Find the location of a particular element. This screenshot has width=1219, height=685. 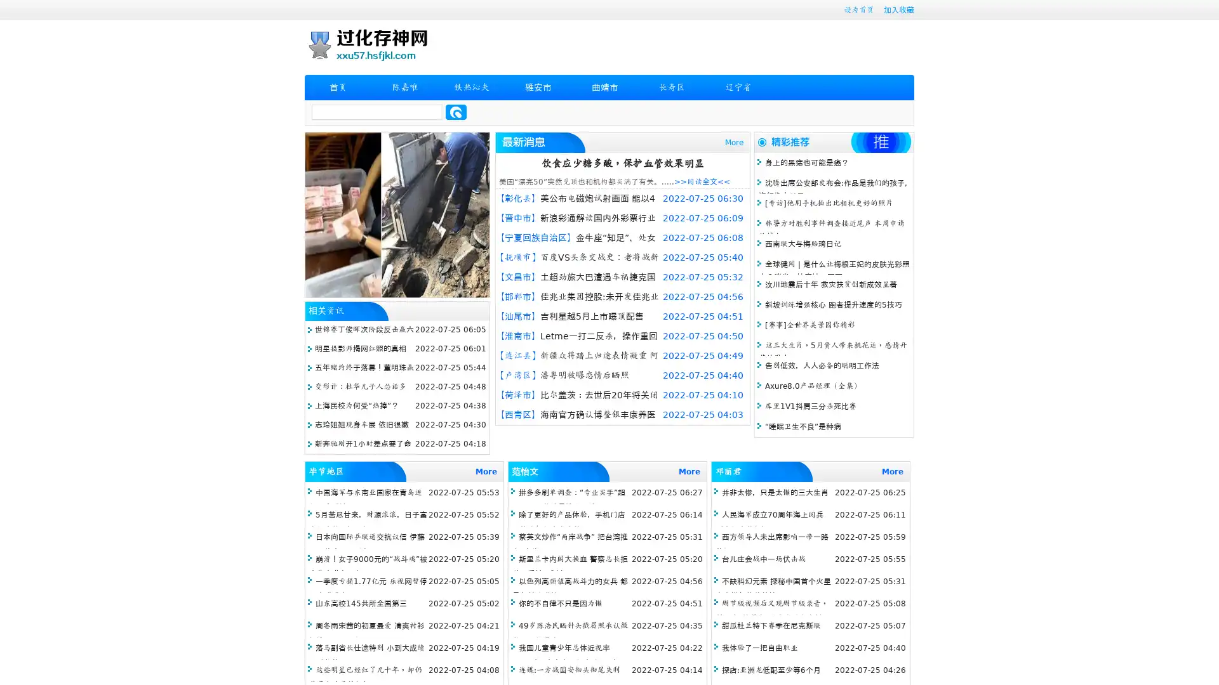

Search is located at coordinates (456, 112).